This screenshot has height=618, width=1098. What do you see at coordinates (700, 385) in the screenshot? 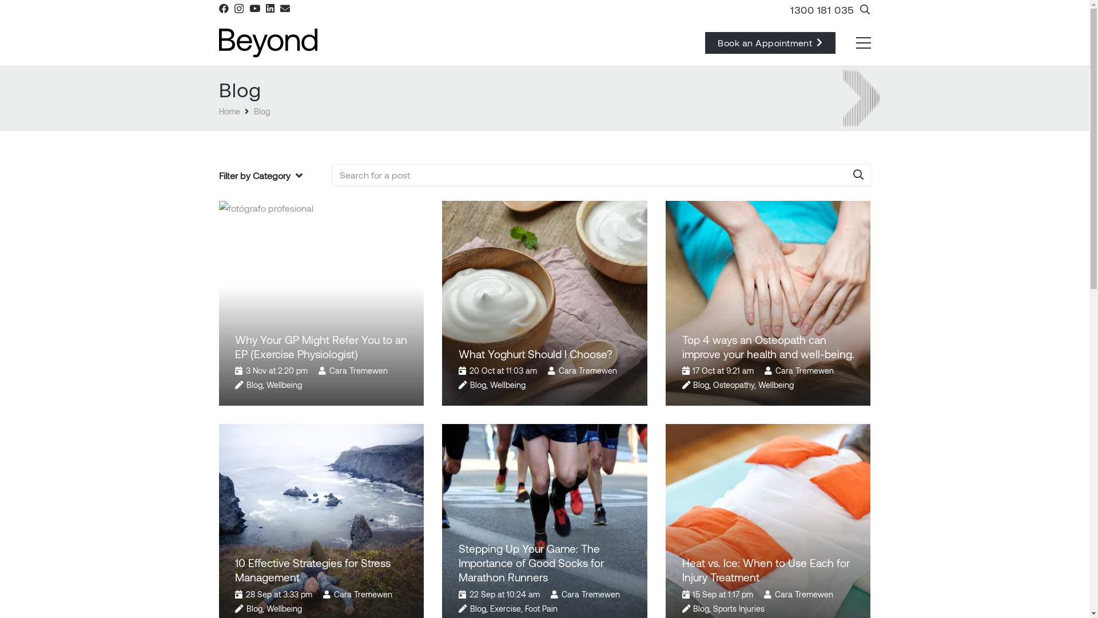
I see `'Blog'` at bounding box center [700, 385].